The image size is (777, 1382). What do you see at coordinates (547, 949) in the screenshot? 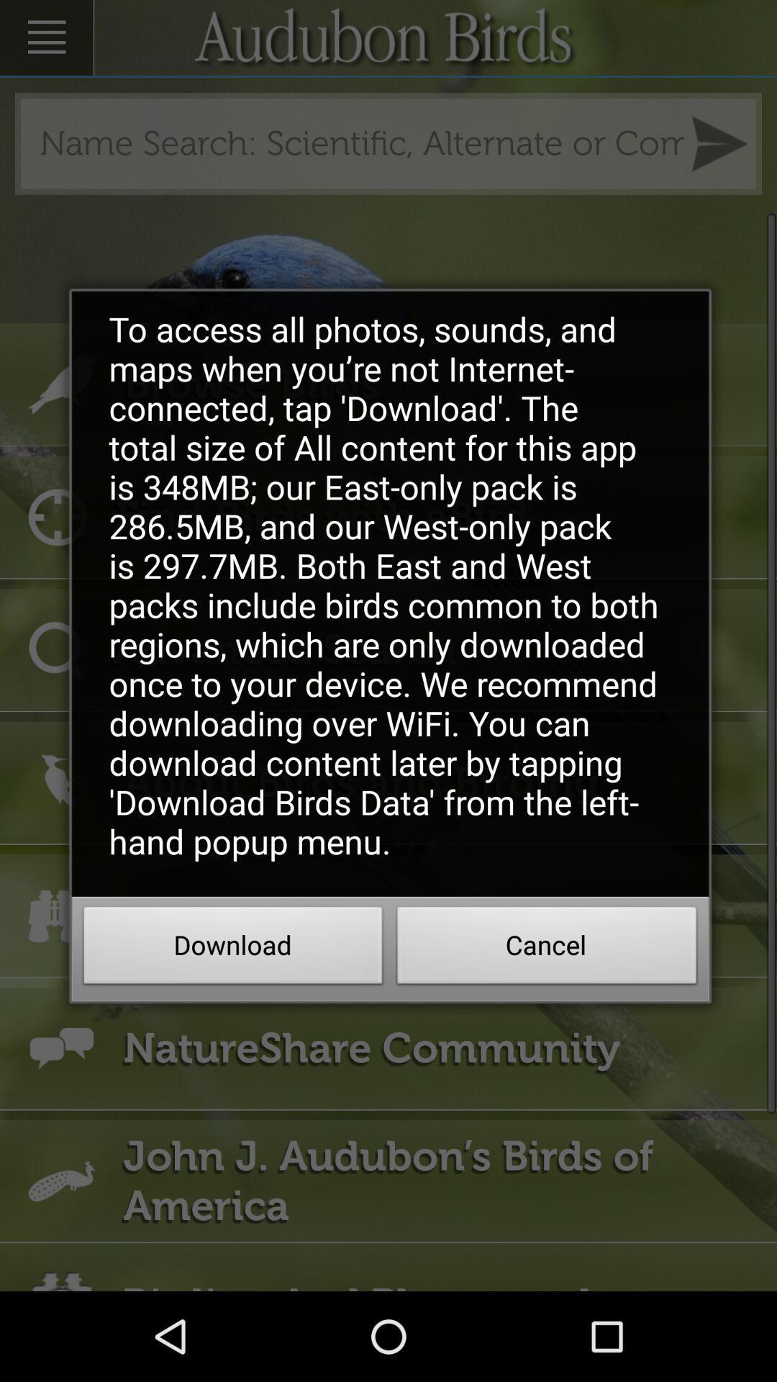
I see `the cancel button` at bounding box center [547, 949].